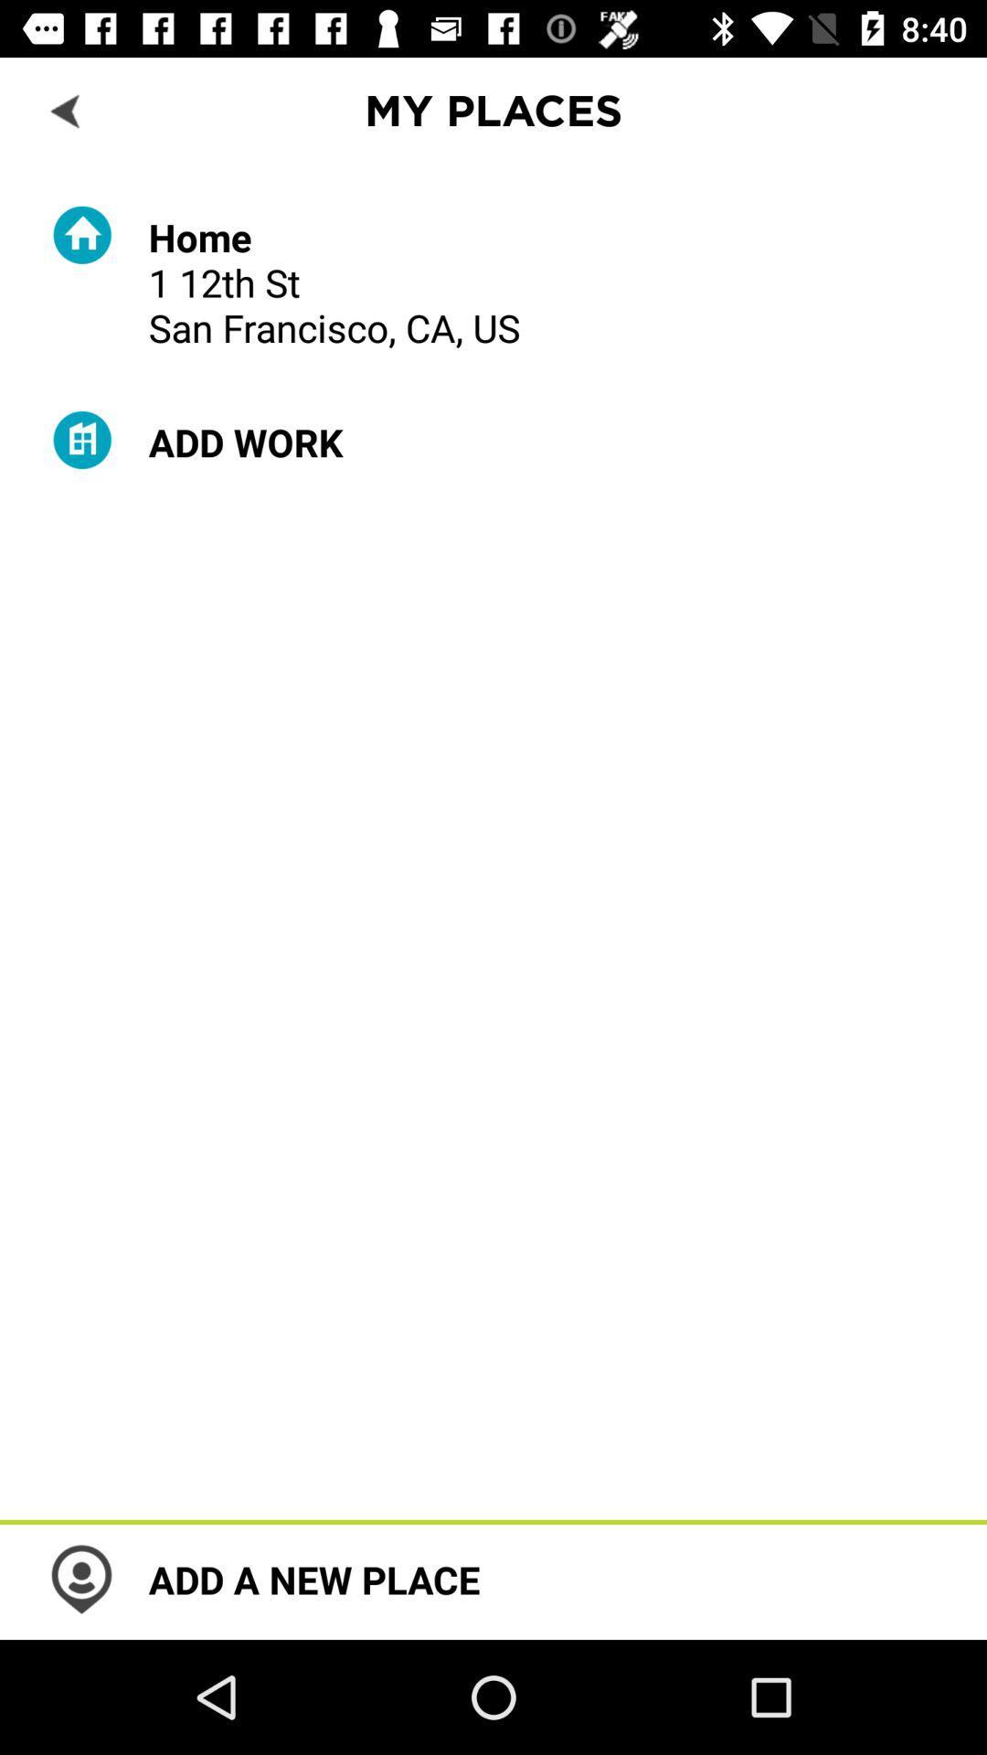 Image resolution: width=987 pixels, height=1755 pixels. What do you see at coordinates (66, 109) in the screenshot?
I see `back to previous scene` at bounding box center [66, 109].